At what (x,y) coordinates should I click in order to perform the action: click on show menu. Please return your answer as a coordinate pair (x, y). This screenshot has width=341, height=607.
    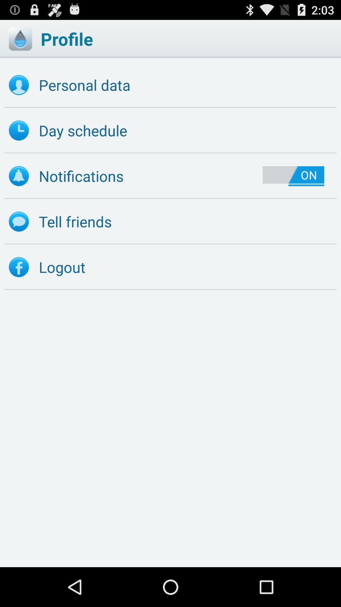
    Looking at the image, I should click on (20, 39).